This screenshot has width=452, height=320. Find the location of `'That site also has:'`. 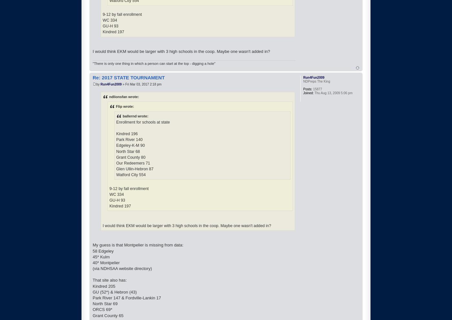

'That site also has:' is located at coordinates (109, 280).